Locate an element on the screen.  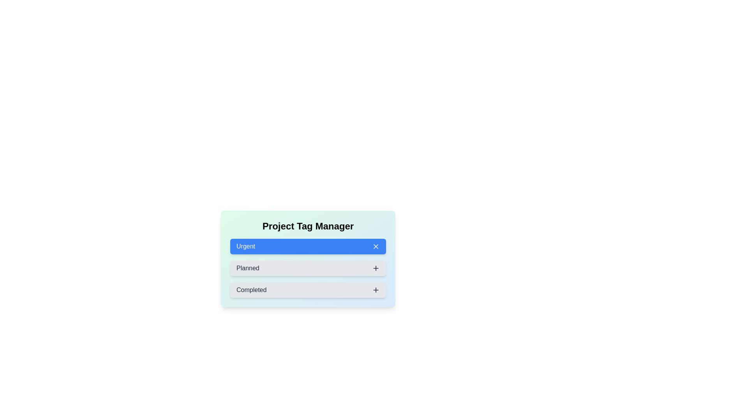
the icon corresponding to Completed to toggle its state is located at coordinates (376, 290).